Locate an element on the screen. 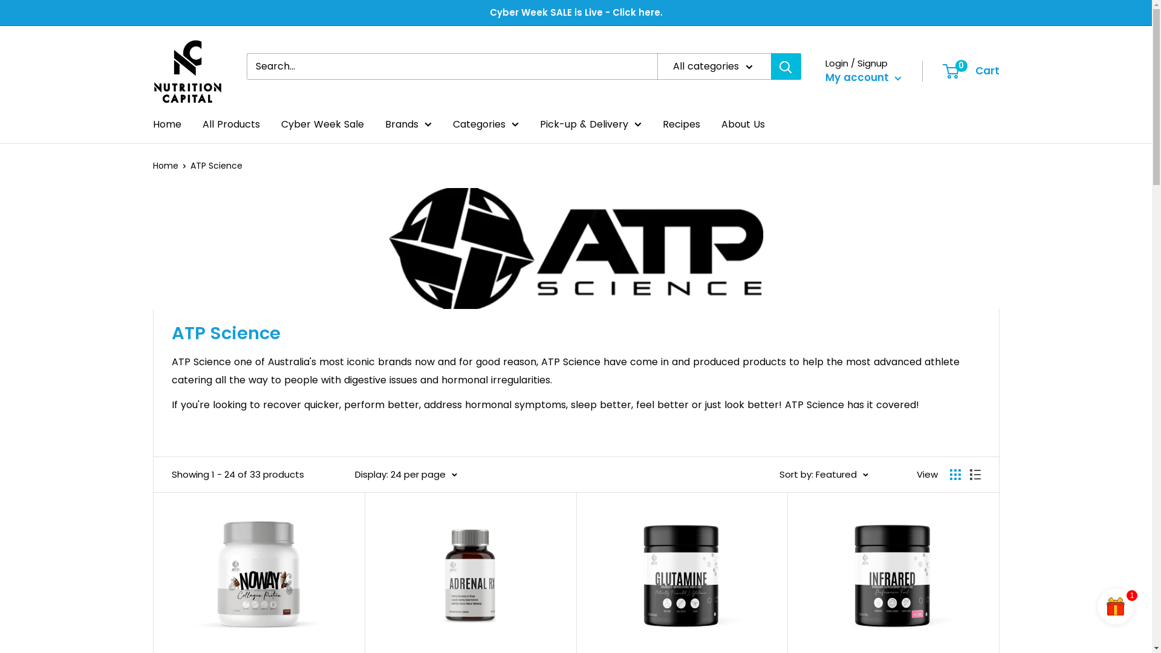 This screenshot has height=653, width=1161. 'Home' is located at coordinates (166, 124).